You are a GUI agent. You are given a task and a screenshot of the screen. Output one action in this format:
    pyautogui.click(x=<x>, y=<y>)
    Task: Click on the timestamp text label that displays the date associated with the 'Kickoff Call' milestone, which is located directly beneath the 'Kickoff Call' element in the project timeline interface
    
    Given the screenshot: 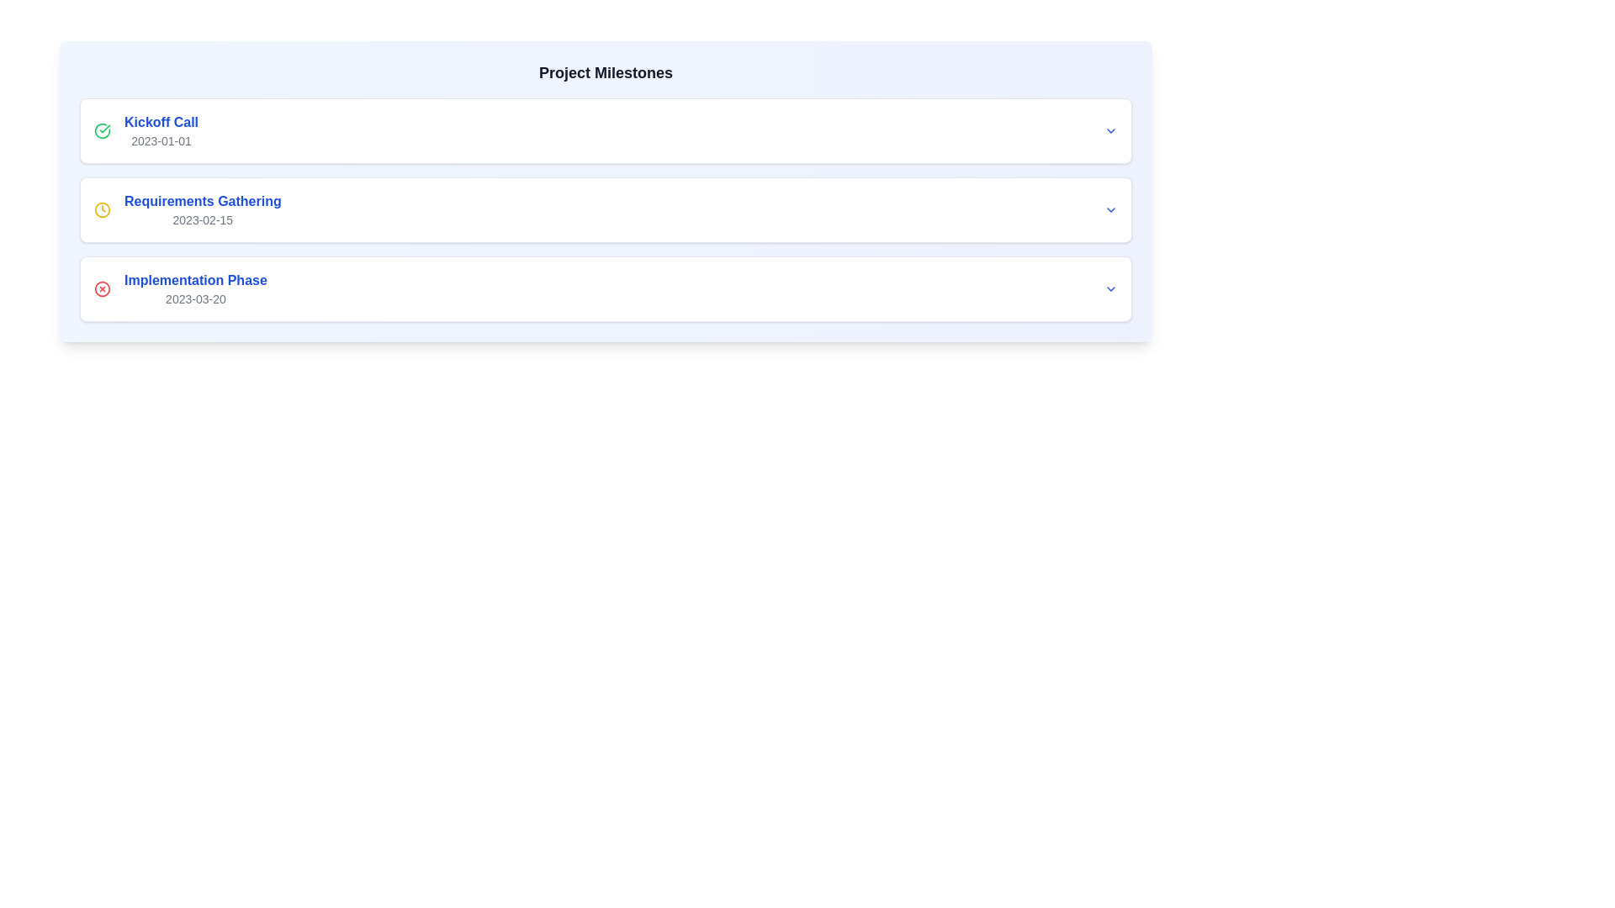 What is the action you would take?
    pyautogui.click(x=161, y=140)
    